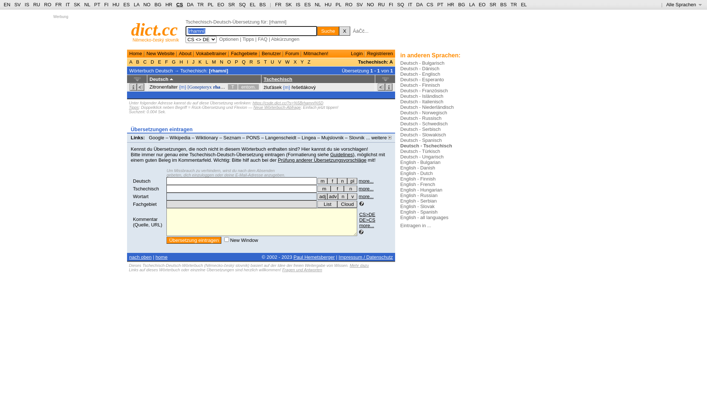 This screenshot has width=707, height=397. What do you see at coordinates (36, 4) in the screenshot?
I see `'RU'` at bounding box center [36, 4].